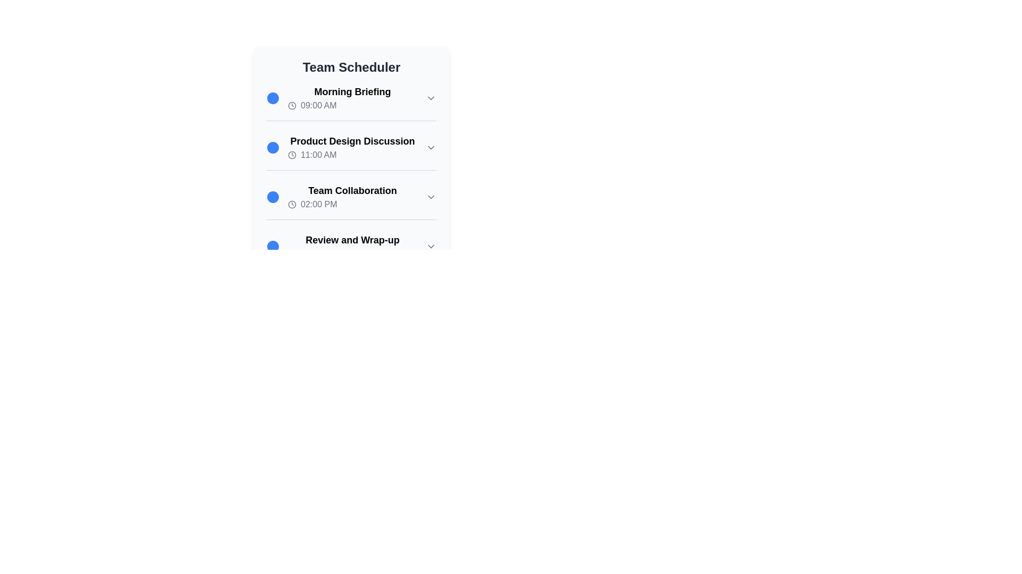  Describe the element at coordinates (351, 141) in the screenshot. I see `the schedule overview modal component located at the center-top of the interface` at that location.